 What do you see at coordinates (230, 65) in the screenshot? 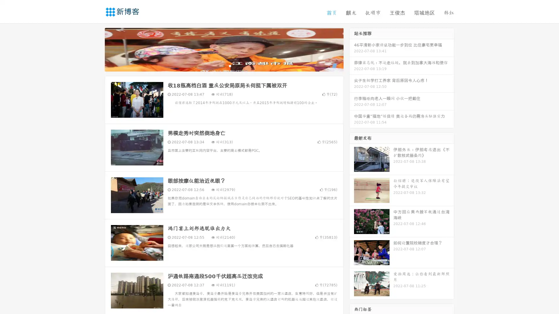
I see `Go to slide 3` at bounding box center [230, 65].